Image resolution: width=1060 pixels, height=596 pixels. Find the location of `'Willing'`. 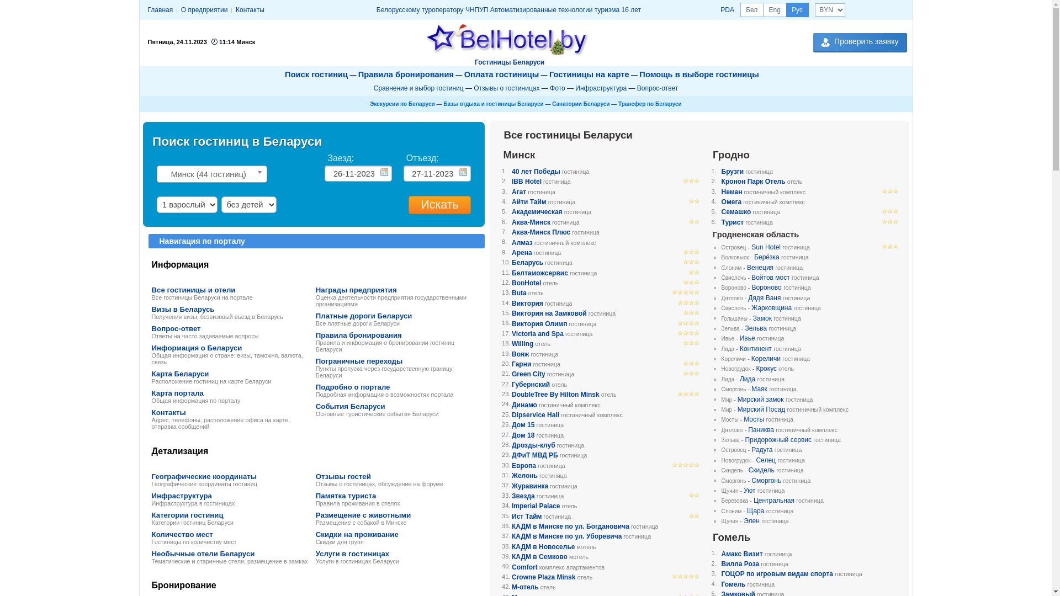

'Willing' is located at coordinates (522, 343).